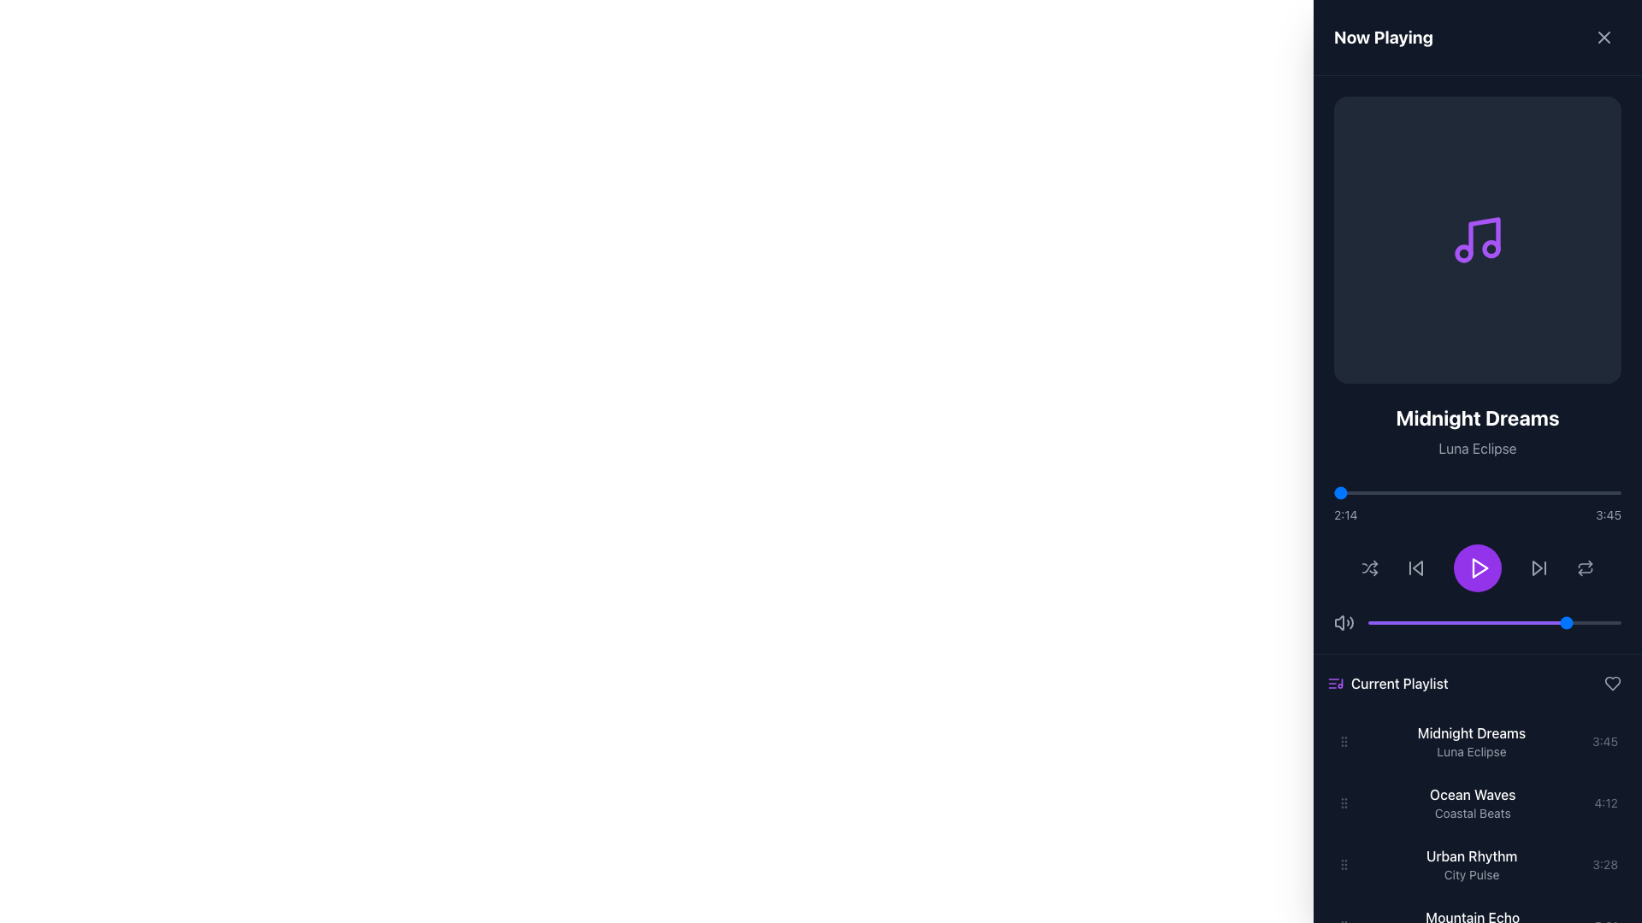  What do you see at coordinates (1477, 500) in the screenshot?
I see `the progress bar located in the central lower portion of the music player interface` at bounding box center [1477, 500].